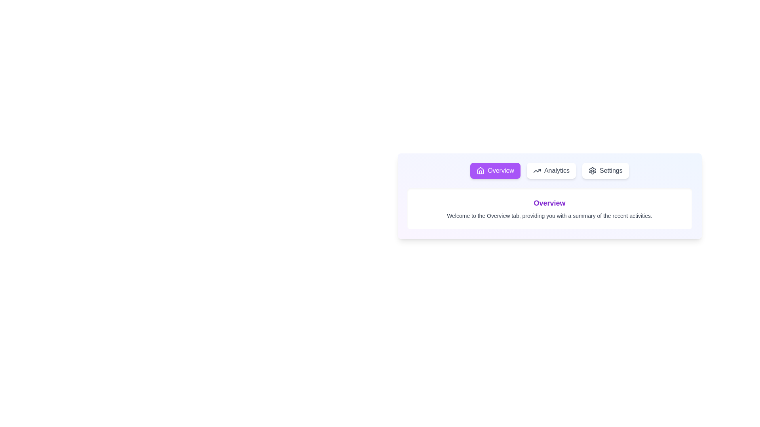 This screenshot has height=427, width=760. I want to click on the third button in a row of three navigation buttons, so click(605, 170).